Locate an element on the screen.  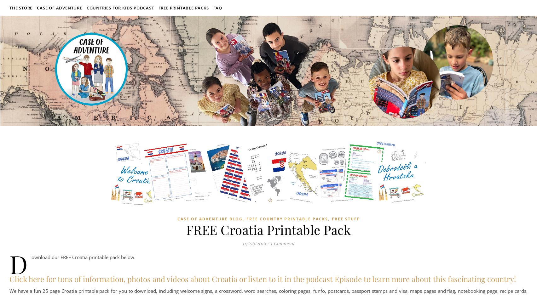
'/' is located at coordinates (268, 243).